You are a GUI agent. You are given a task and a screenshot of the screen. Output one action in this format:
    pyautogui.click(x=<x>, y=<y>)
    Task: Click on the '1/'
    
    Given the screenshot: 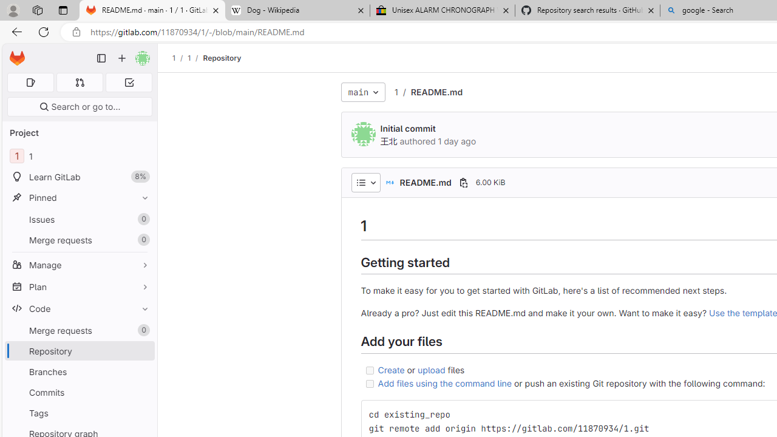 What is the action you would take?
    pyautogui.click(x=195, y=58)
    